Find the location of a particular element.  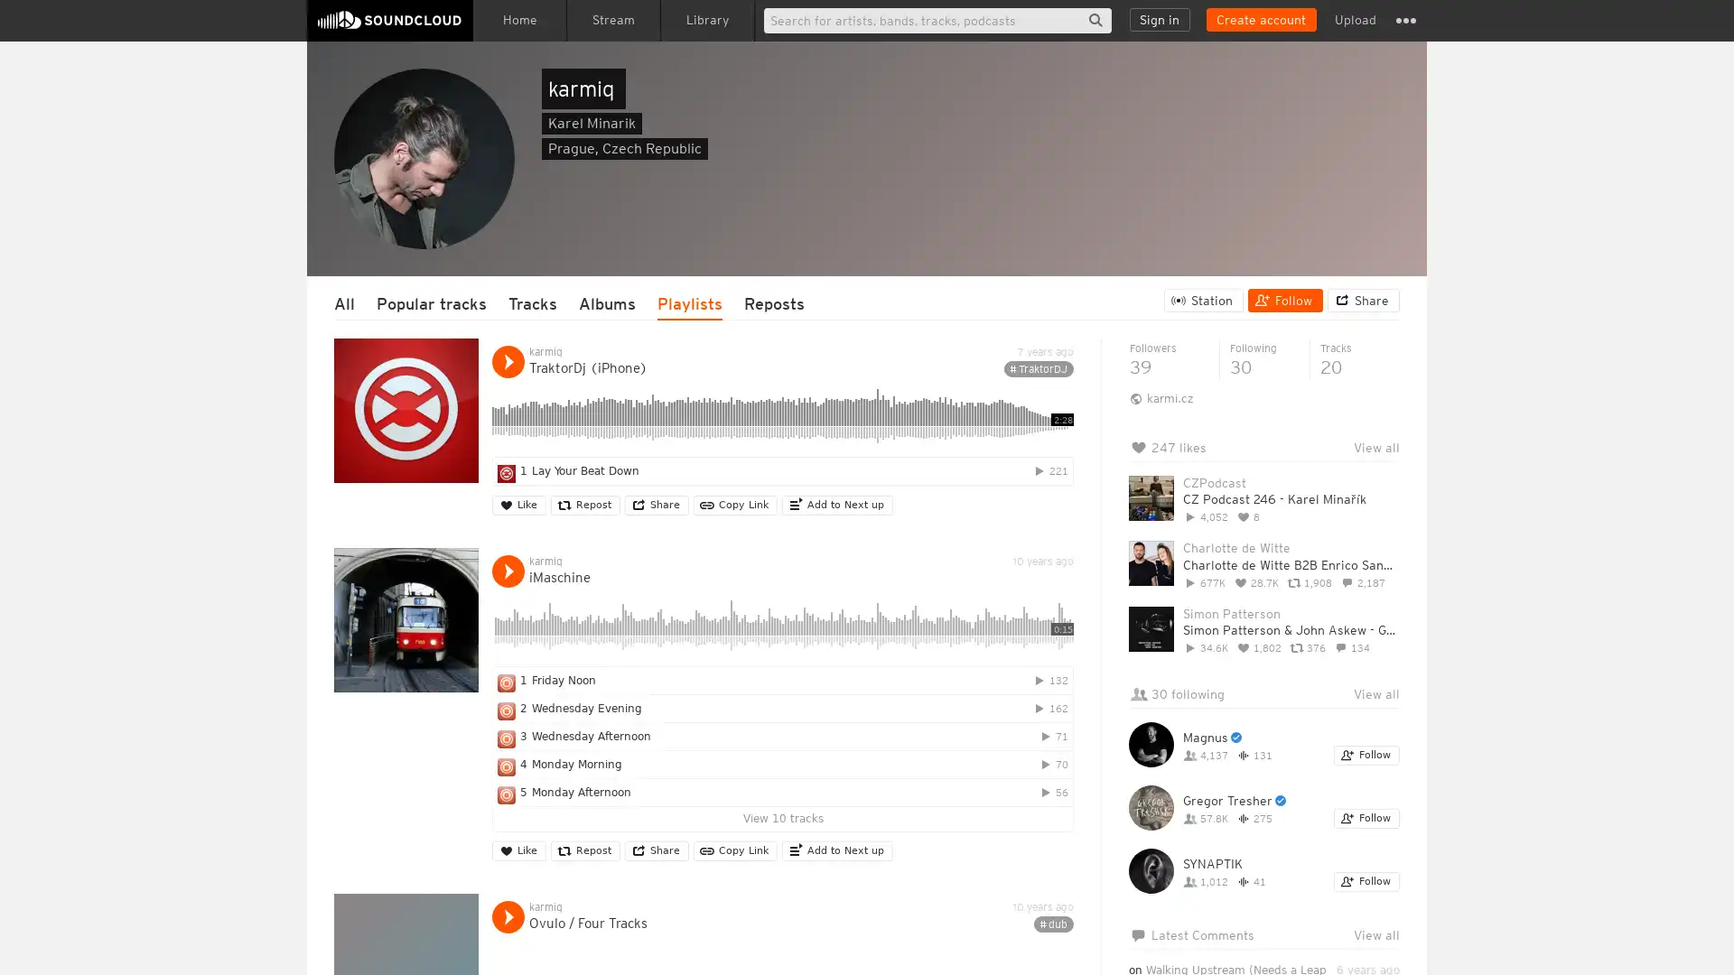

Follow is located at coordinates (1284, 299).